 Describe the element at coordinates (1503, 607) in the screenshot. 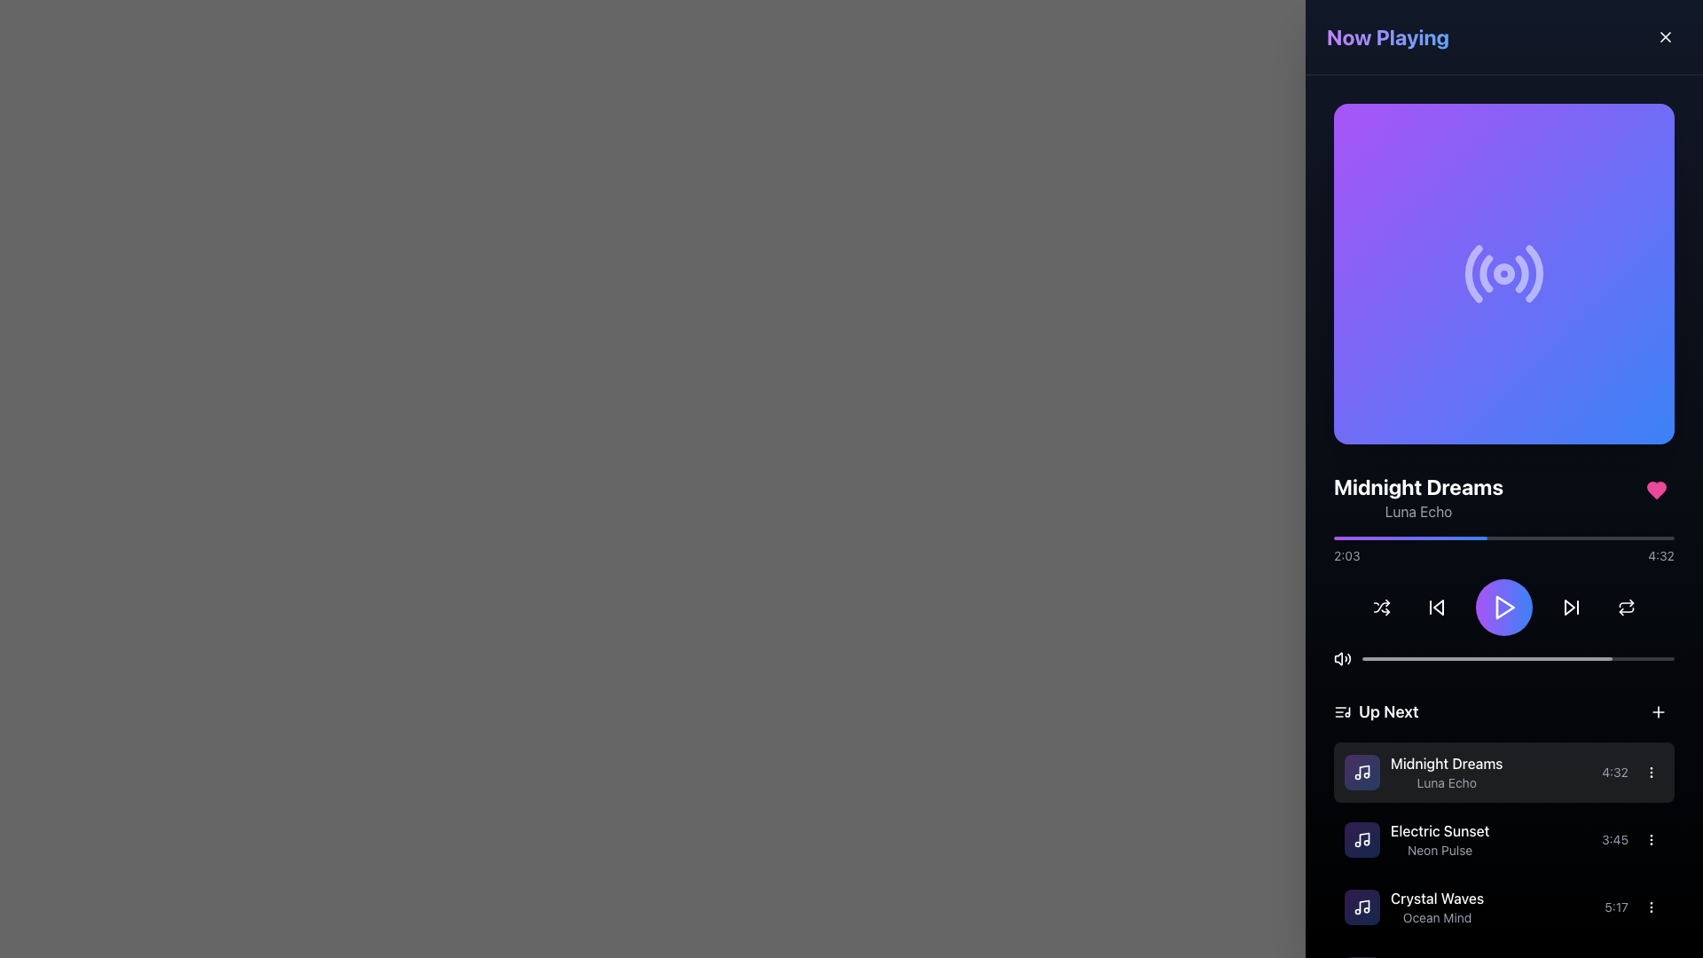

I see `the circular play button with a gradient fill and a white play icon in its center` at that location.